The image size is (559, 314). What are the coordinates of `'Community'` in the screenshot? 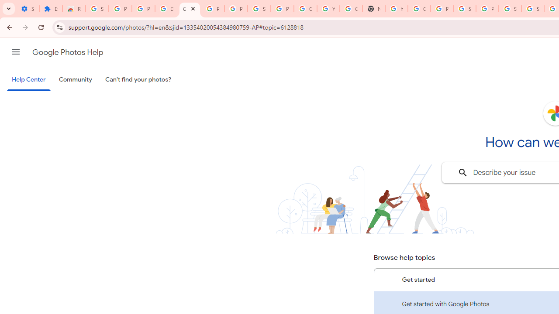 It's located at (75, 80).